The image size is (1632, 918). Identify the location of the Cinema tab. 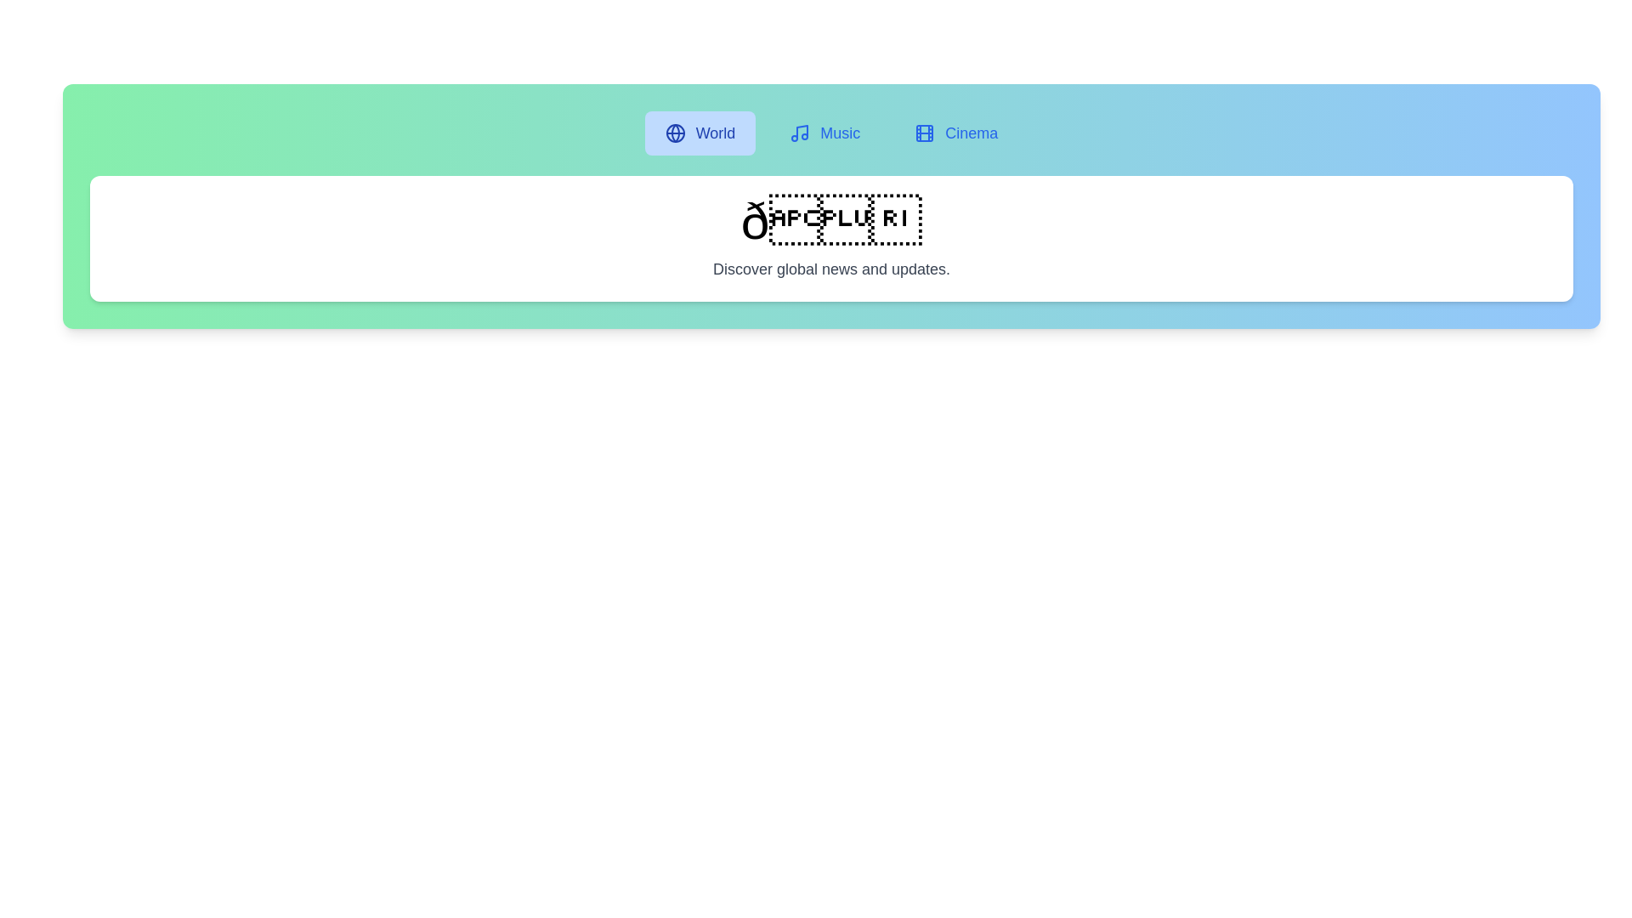
(956, 133).